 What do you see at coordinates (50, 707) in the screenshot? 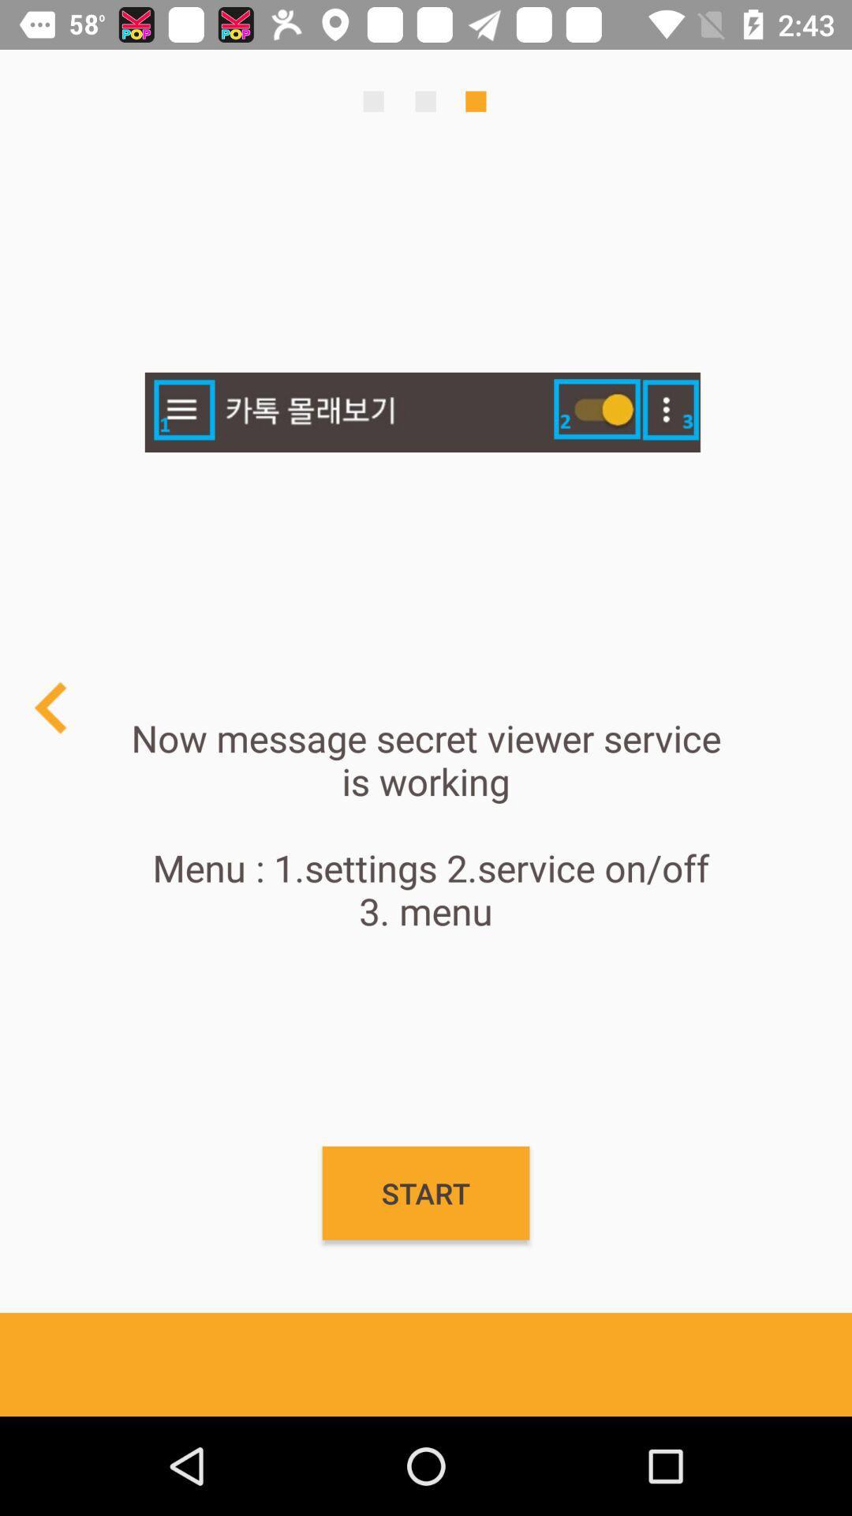
I see `previous page` at bounding box center [50, 707].